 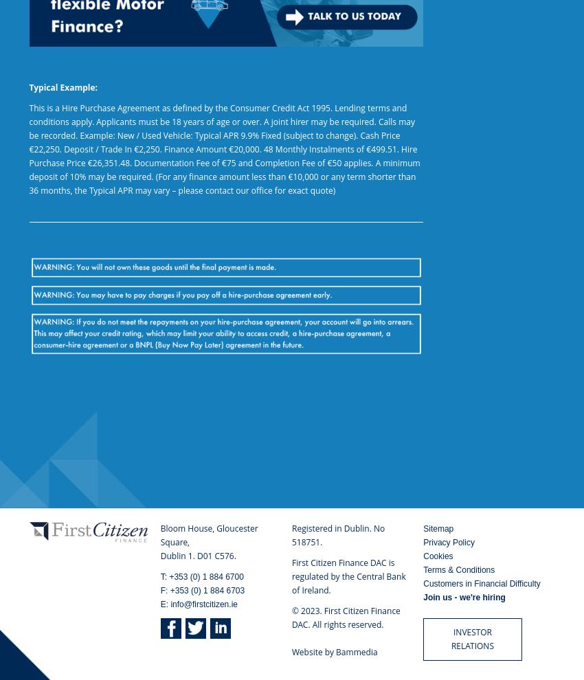 What do you see at coordinates (356, 652) in the screenshot?
I see `'Bammedia'` at bounding box center [356, 652].